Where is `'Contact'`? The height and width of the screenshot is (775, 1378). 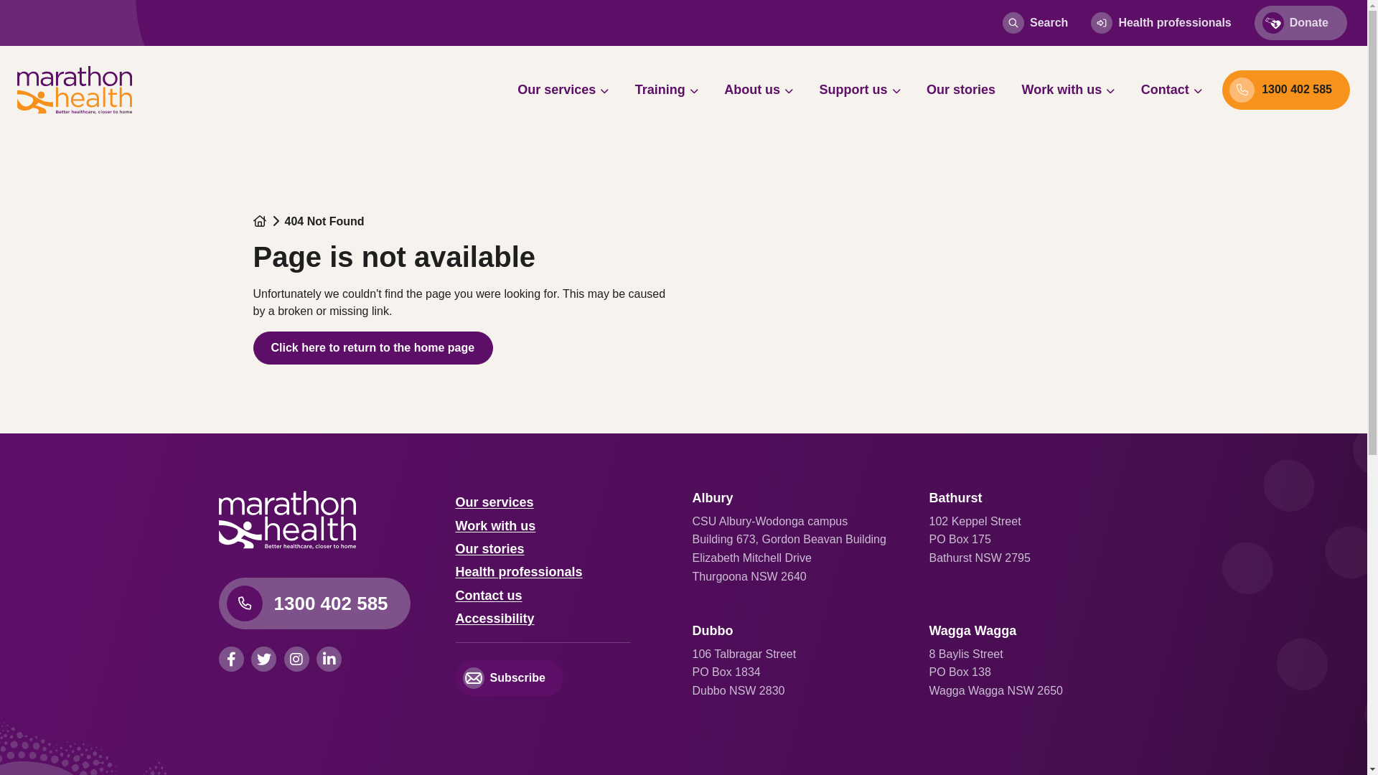 'Contact' is located at coordinates (1171, 89).